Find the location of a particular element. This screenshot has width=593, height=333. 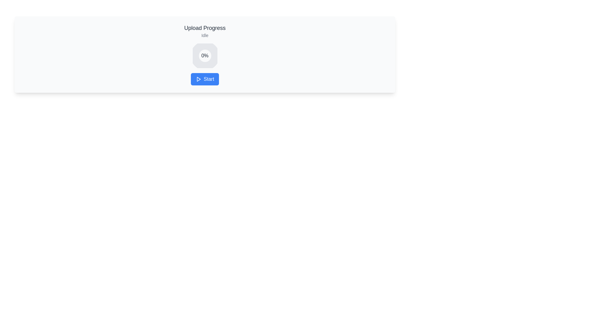

the circular progress indicator displaying '0%' text, which is located below the 'Idle' text and above the 'Start' button is located at coordinates (205, 56).